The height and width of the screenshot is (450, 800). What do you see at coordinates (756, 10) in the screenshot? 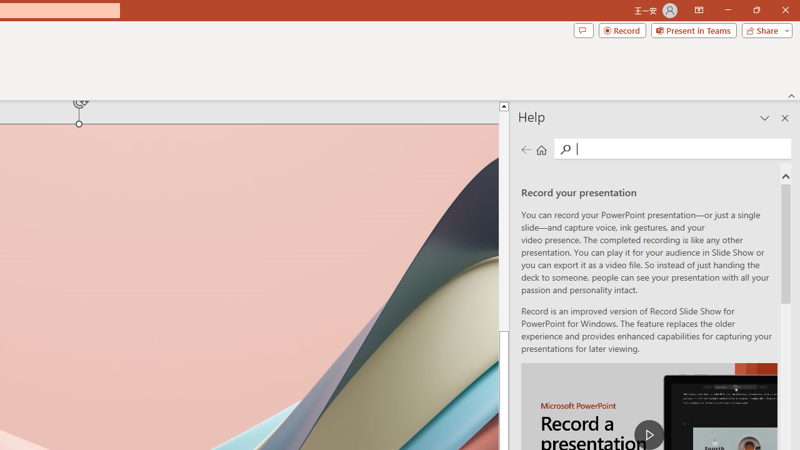
I see `'Restore Down'` at bounding box center [756, 10].